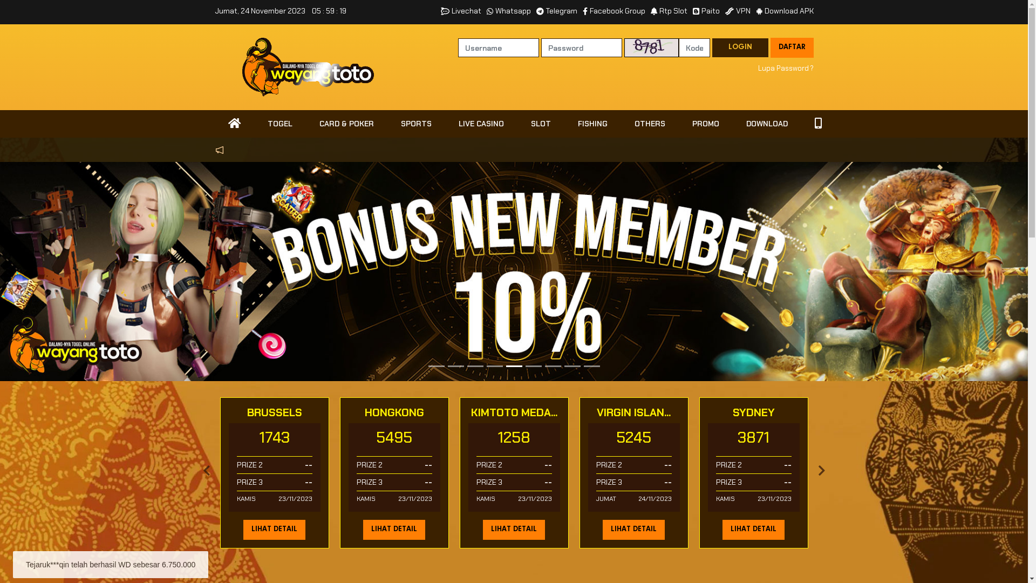  Describe the element at coordinates (415, 123) in the screenshot. I see `'SPORTS'` at that location.